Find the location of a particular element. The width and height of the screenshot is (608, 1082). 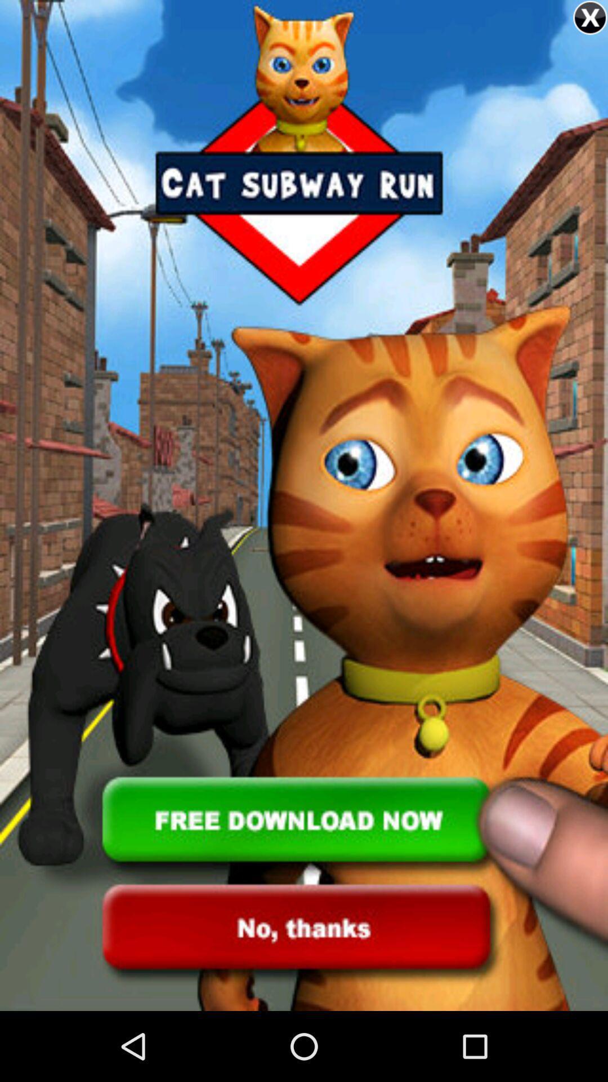

close is located at coordinates (589, 17).